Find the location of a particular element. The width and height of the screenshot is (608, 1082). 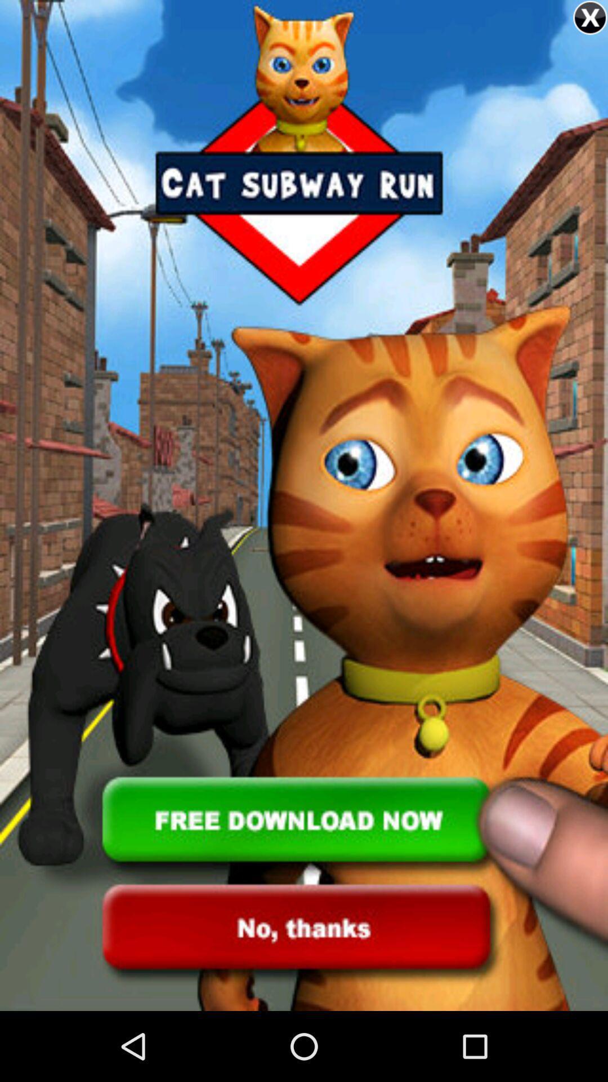

close is located at coordinates (589, 17).